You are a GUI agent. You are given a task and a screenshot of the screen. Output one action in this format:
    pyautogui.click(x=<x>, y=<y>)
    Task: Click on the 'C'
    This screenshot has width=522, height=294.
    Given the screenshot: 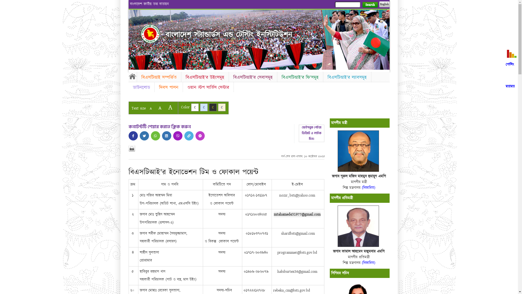 What is the action you would take?
    pyautogui.click(x=203, y=107)
    